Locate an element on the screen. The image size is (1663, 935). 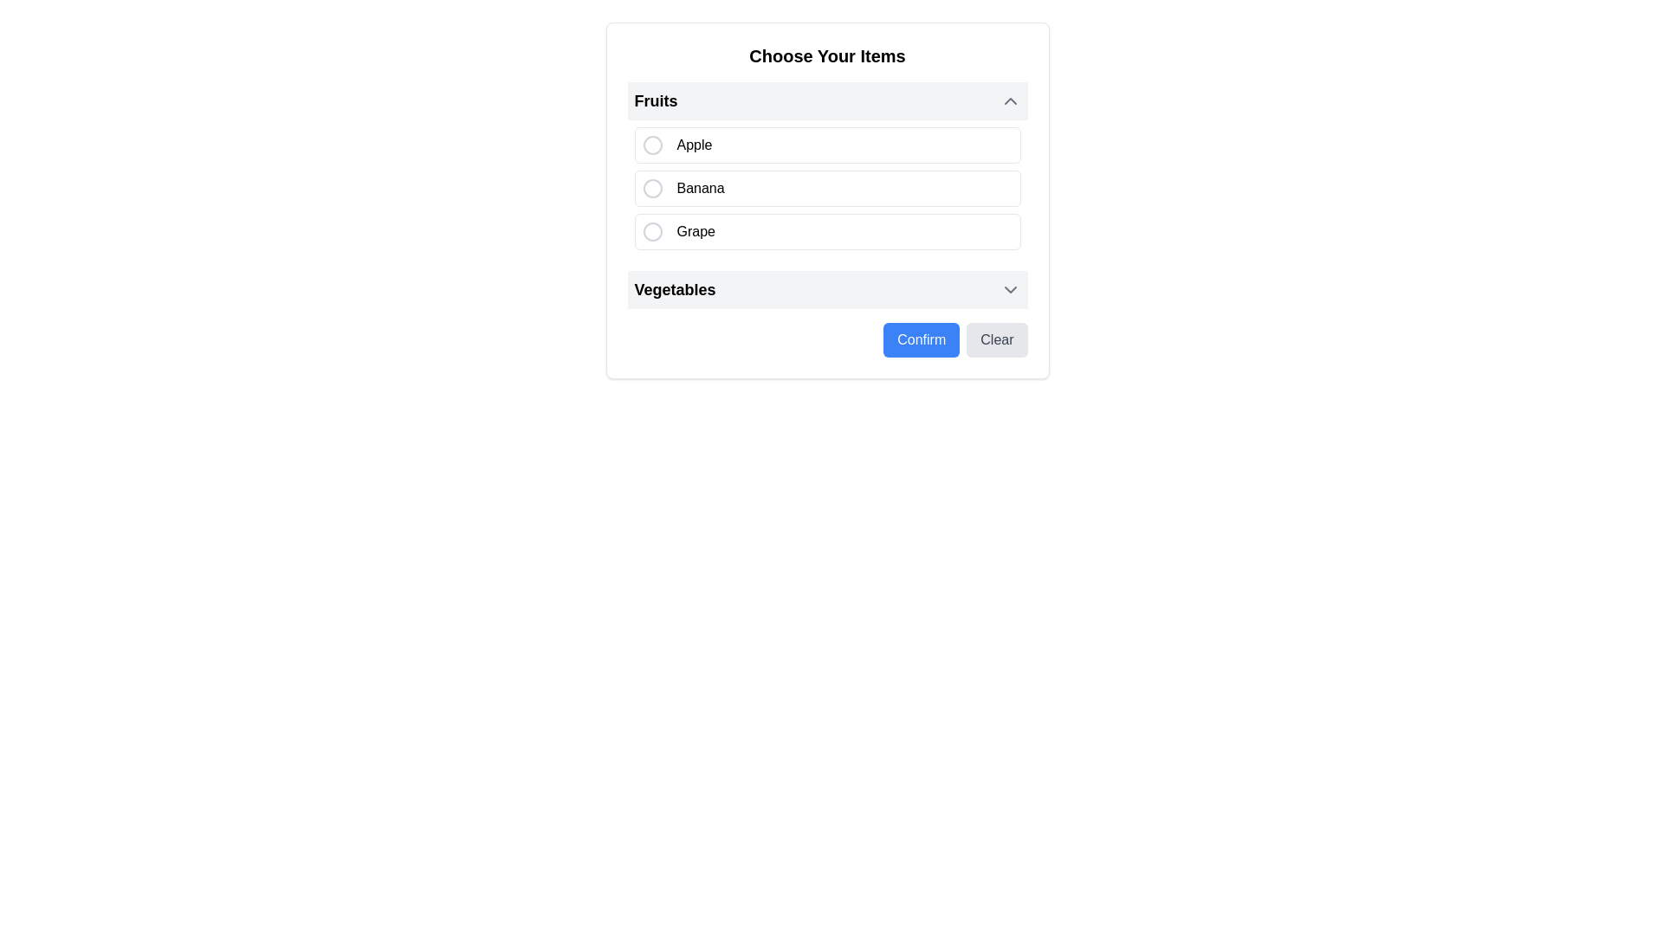
the static text label that indicates the option to select 'Apple' next to the associated radio button in the Fruits selection menu is located at coordinates (694, 145).